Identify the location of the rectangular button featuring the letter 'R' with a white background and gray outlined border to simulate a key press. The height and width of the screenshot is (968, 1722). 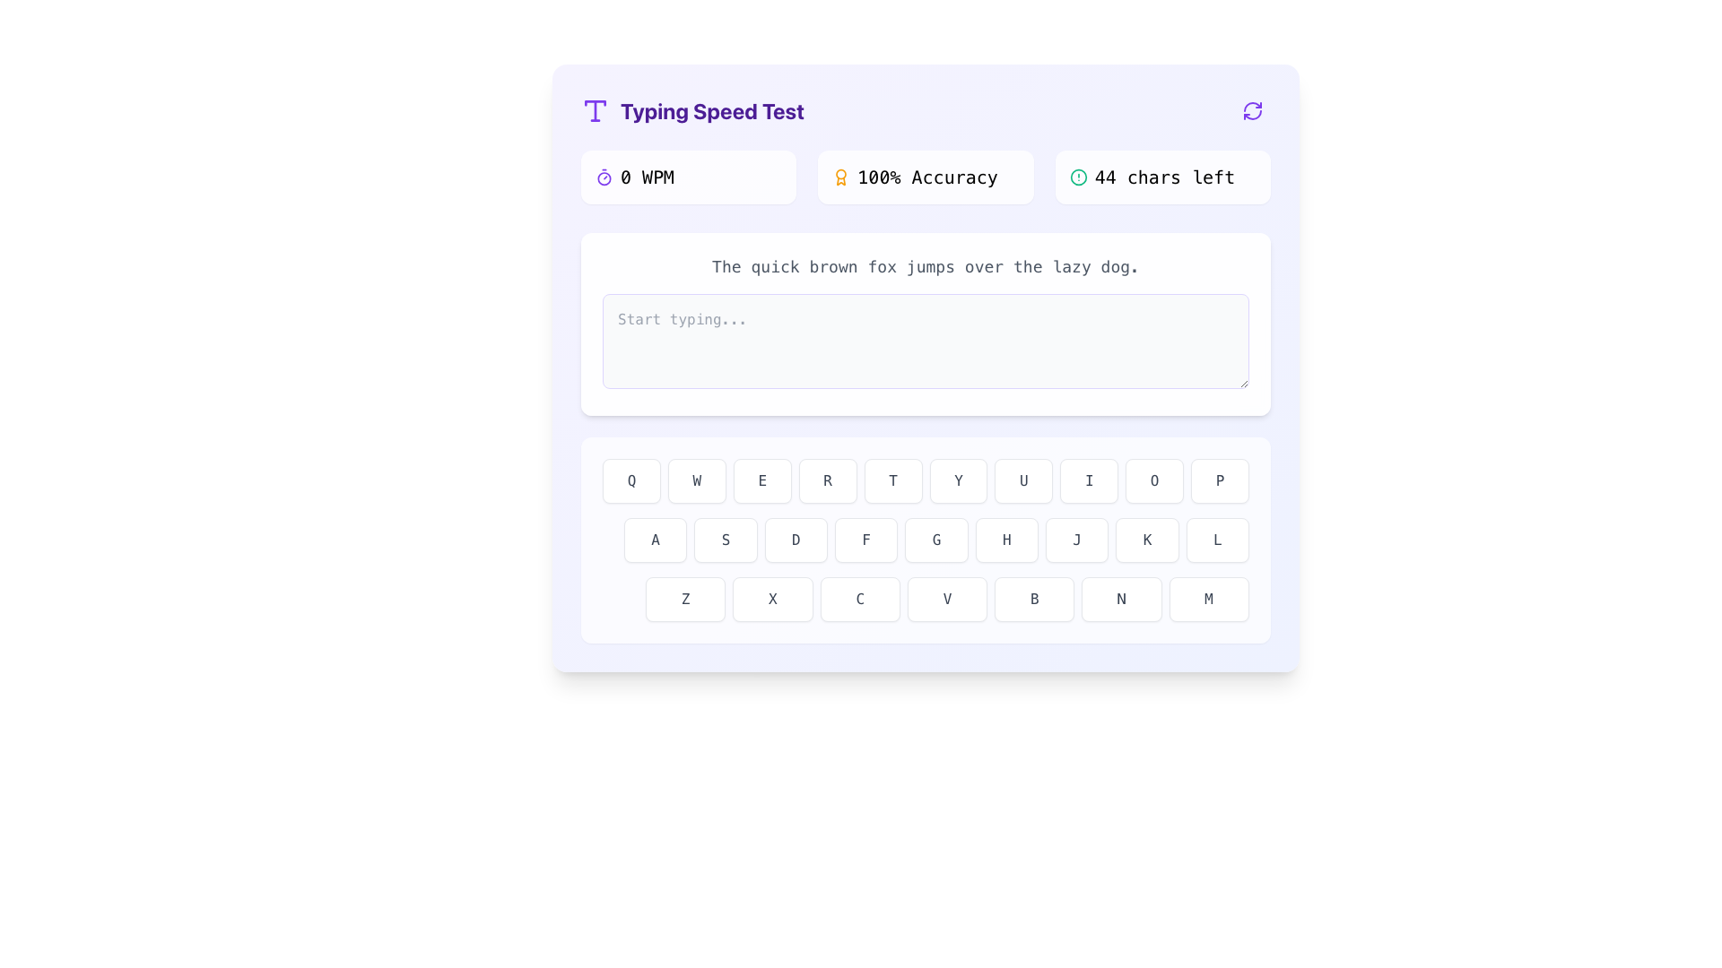
(827, 480).